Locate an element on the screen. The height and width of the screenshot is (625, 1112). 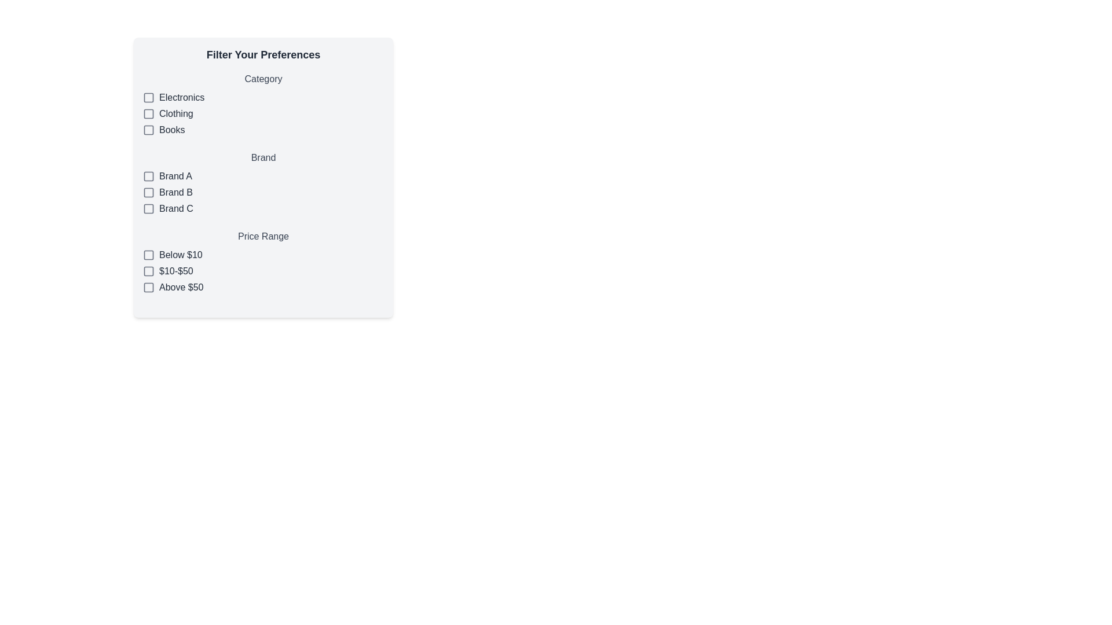
text content of the label indicating the price range filter for items between $10 and $50, located in the 'Price Range' section of the filter preferences panel is located at coordinates (175, 271).